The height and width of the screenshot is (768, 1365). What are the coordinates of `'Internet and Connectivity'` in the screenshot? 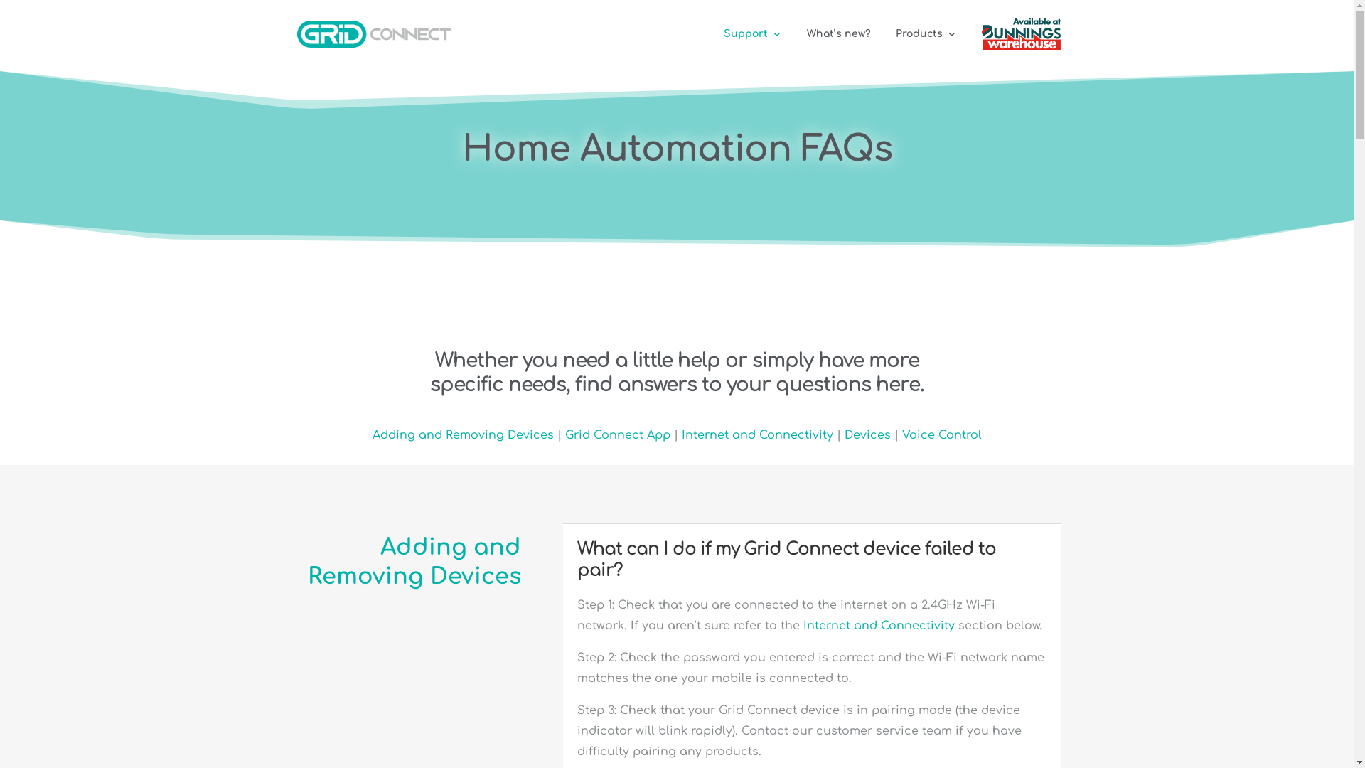 It's located at (681, 434).